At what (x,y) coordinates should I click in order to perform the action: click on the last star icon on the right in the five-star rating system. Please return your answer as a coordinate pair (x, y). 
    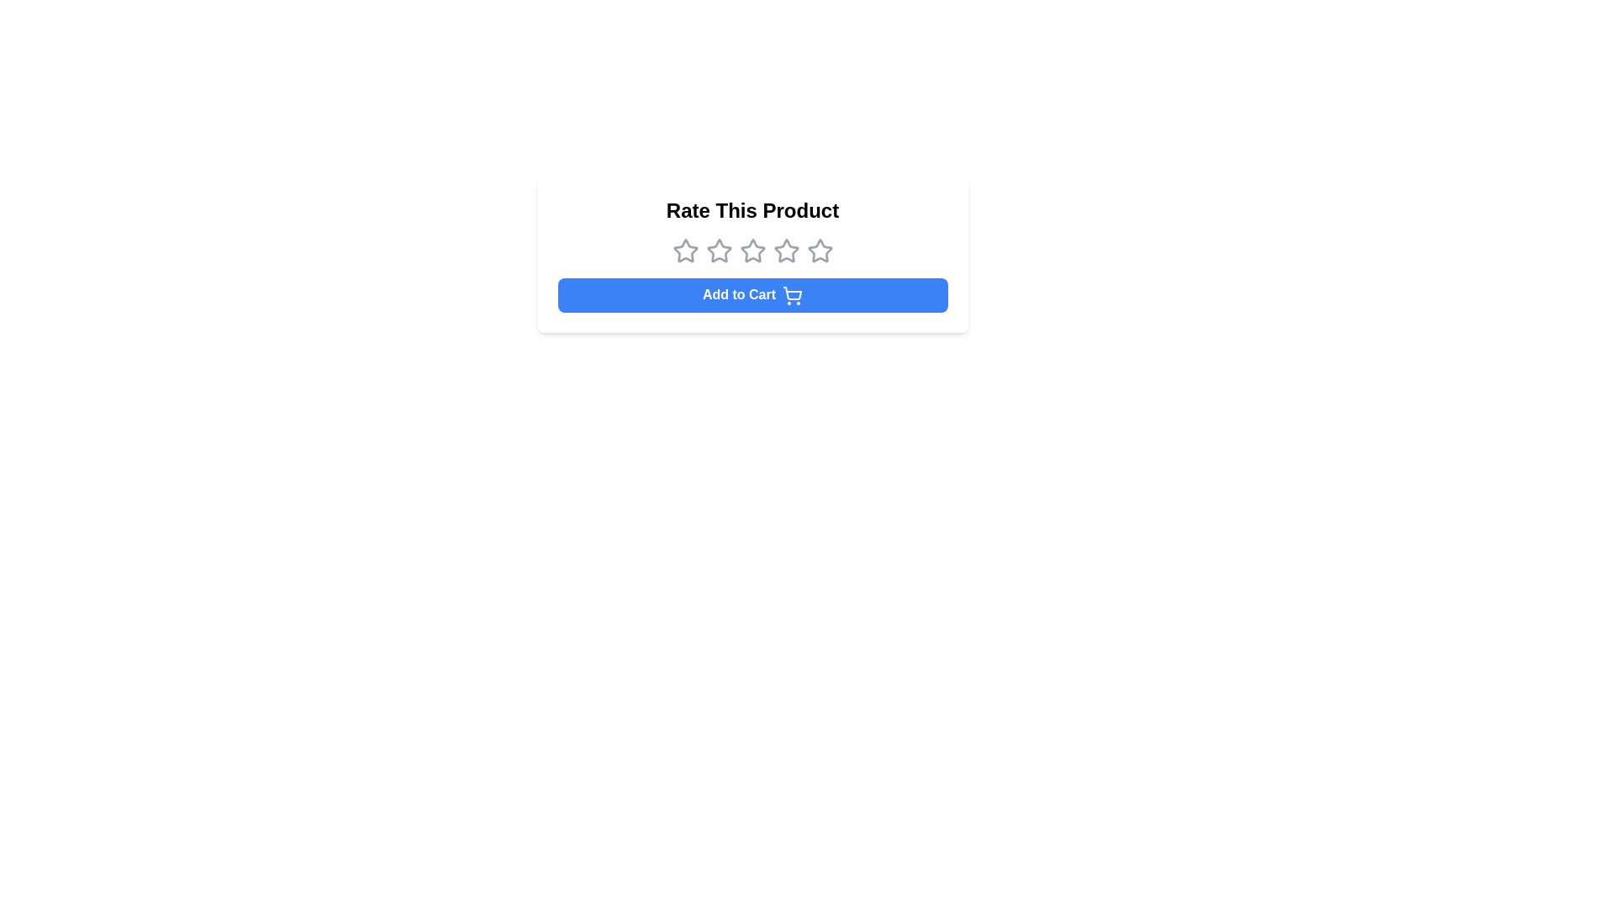
    Looking at the image, I should click on (820, 251).